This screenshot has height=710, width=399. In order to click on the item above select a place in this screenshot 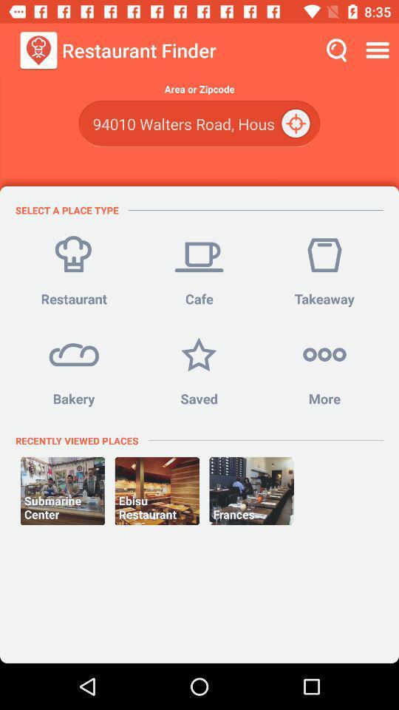, I will do `click(199, 123)`.